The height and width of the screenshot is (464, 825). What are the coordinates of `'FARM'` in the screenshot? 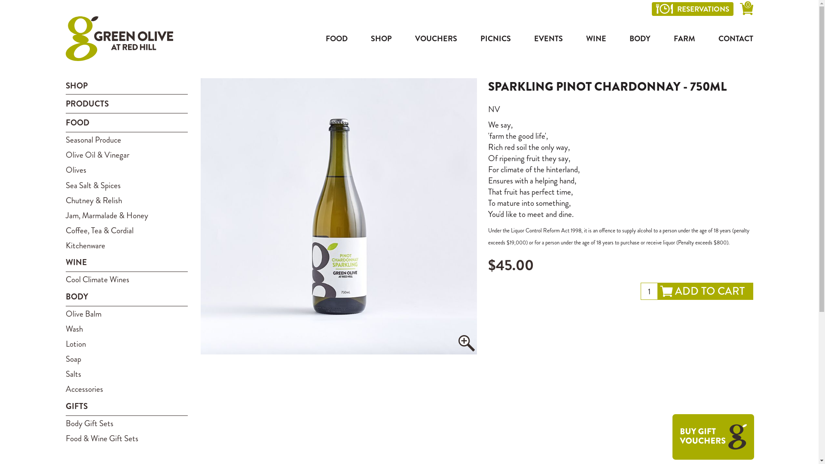 It's located at (684, 38).